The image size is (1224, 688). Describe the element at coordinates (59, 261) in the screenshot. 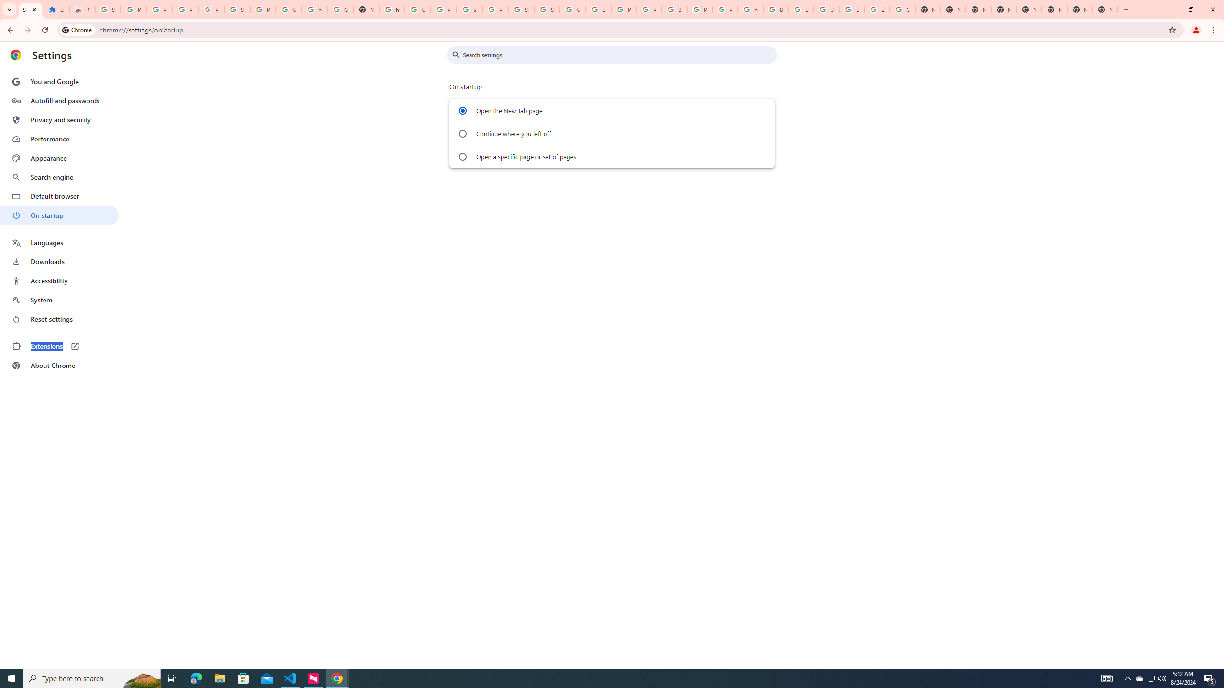

I see `'Downloads'` at that location.